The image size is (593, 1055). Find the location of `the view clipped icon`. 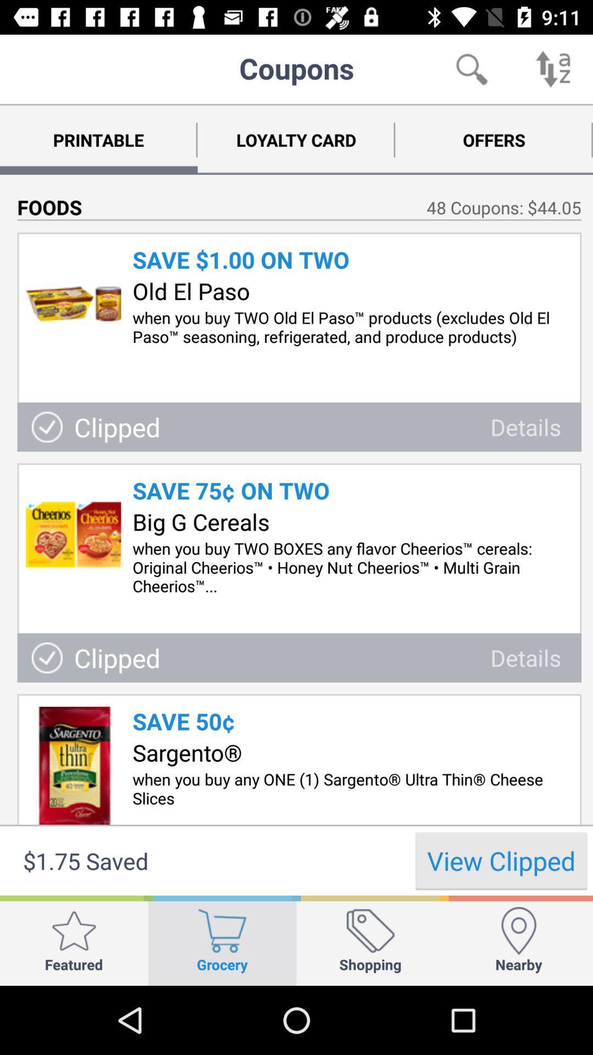

the view clipped icon is located at coordinates (501, 860).